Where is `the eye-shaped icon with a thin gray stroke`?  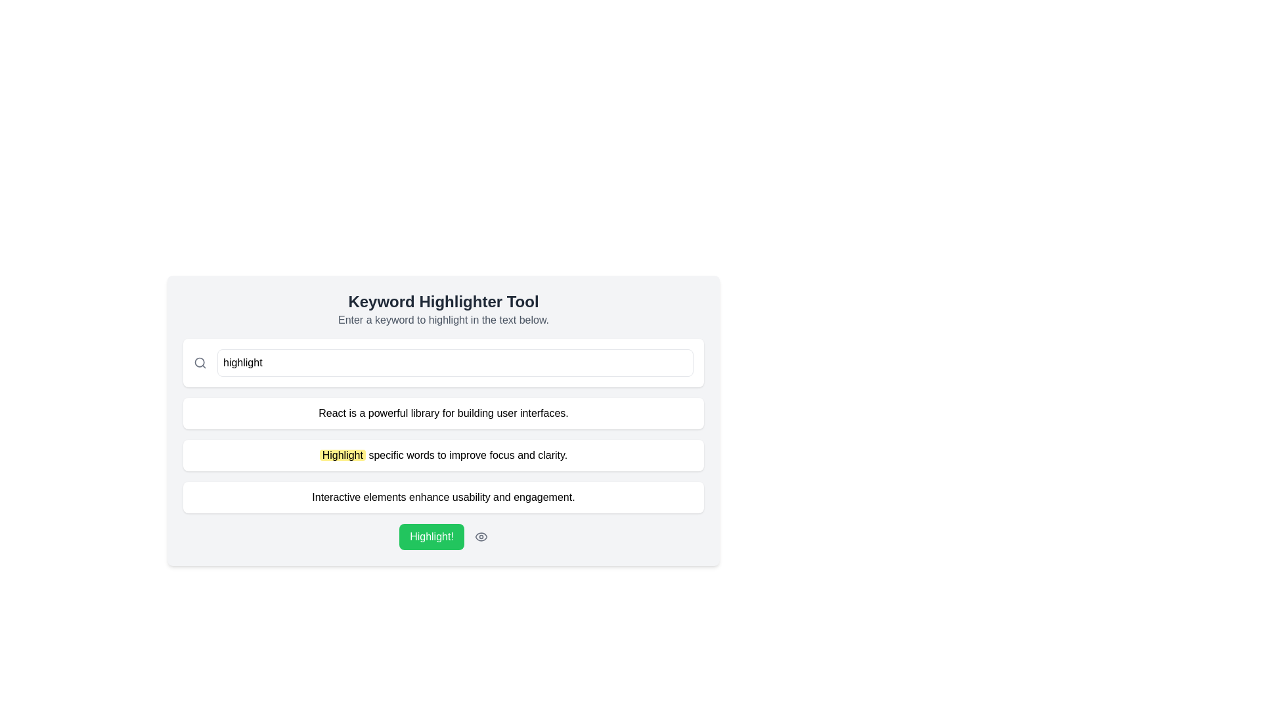 the eye-shaped icon with a thin gray stroke is located at coordinates (480, 536).